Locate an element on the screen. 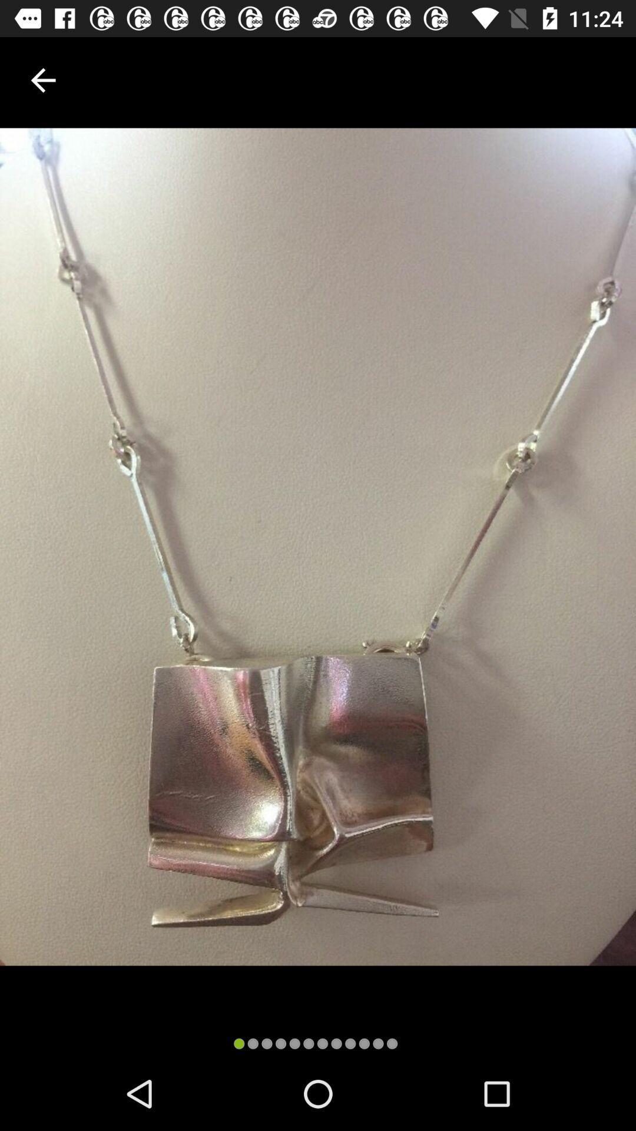 This screenshot has width=636, height=1131. the icon at the top left corner is located at coordinates (42, 80).